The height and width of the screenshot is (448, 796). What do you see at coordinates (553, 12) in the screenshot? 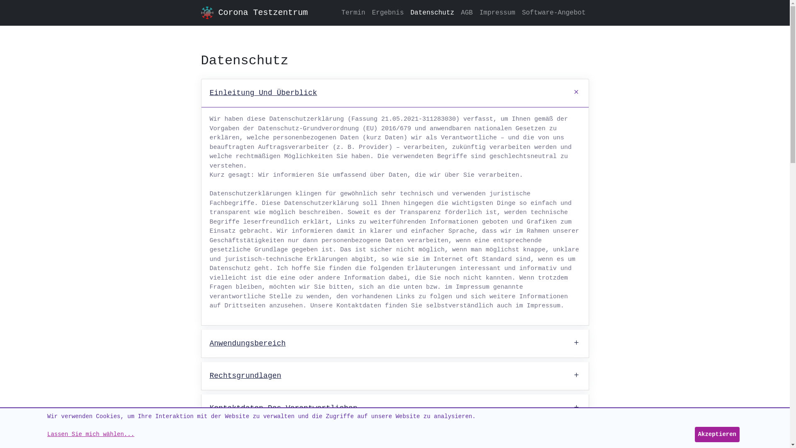
I see `'Software-Angebot'` at bounding box center [553, 12].